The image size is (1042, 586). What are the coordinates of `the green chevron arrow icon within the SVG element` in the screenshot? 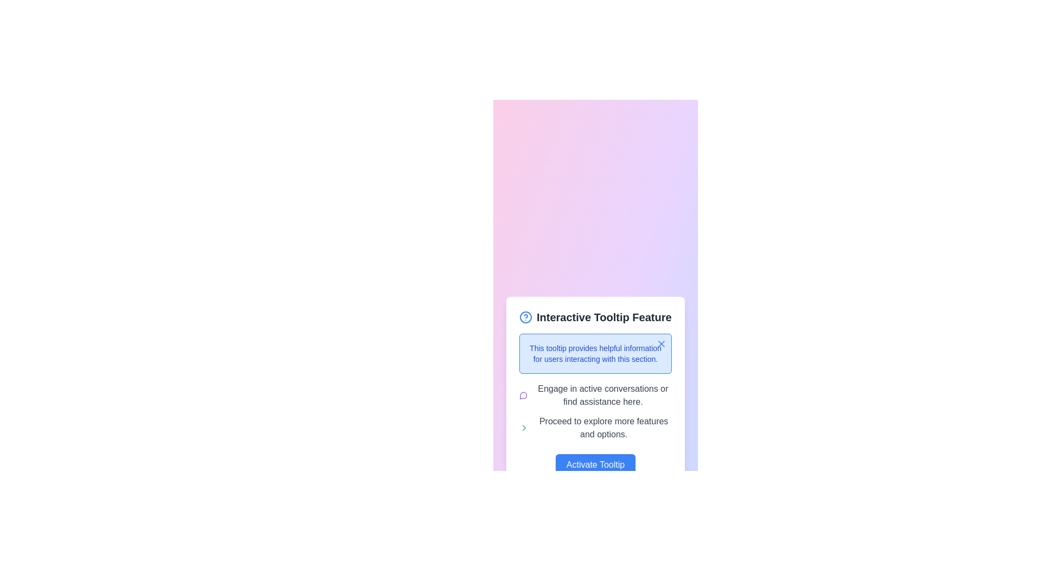 It's located at (524, 428).